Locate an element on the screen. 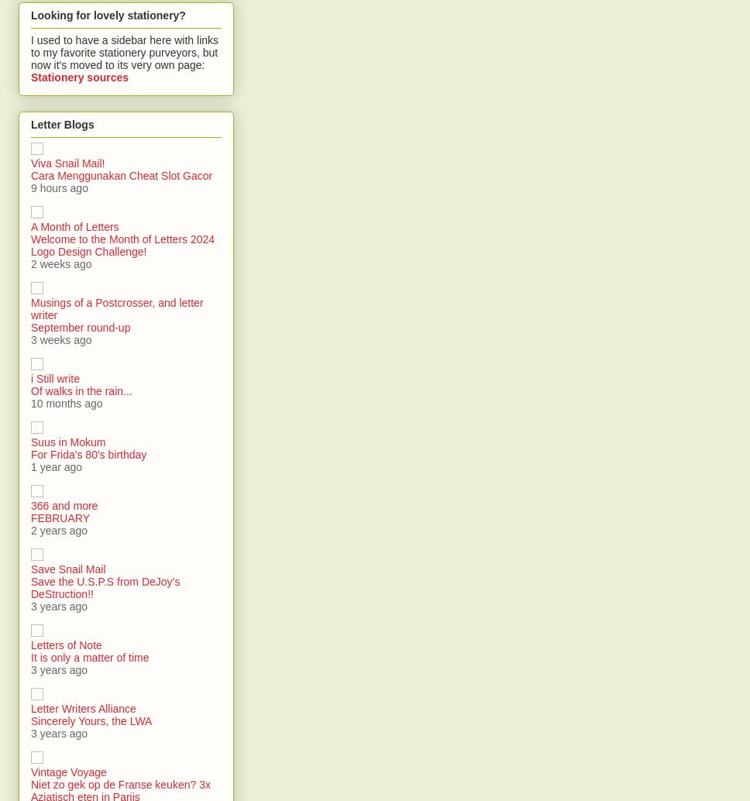 This screenshot has width=750, height=801. '9 hours ago' is located at coordinates (30, 187).